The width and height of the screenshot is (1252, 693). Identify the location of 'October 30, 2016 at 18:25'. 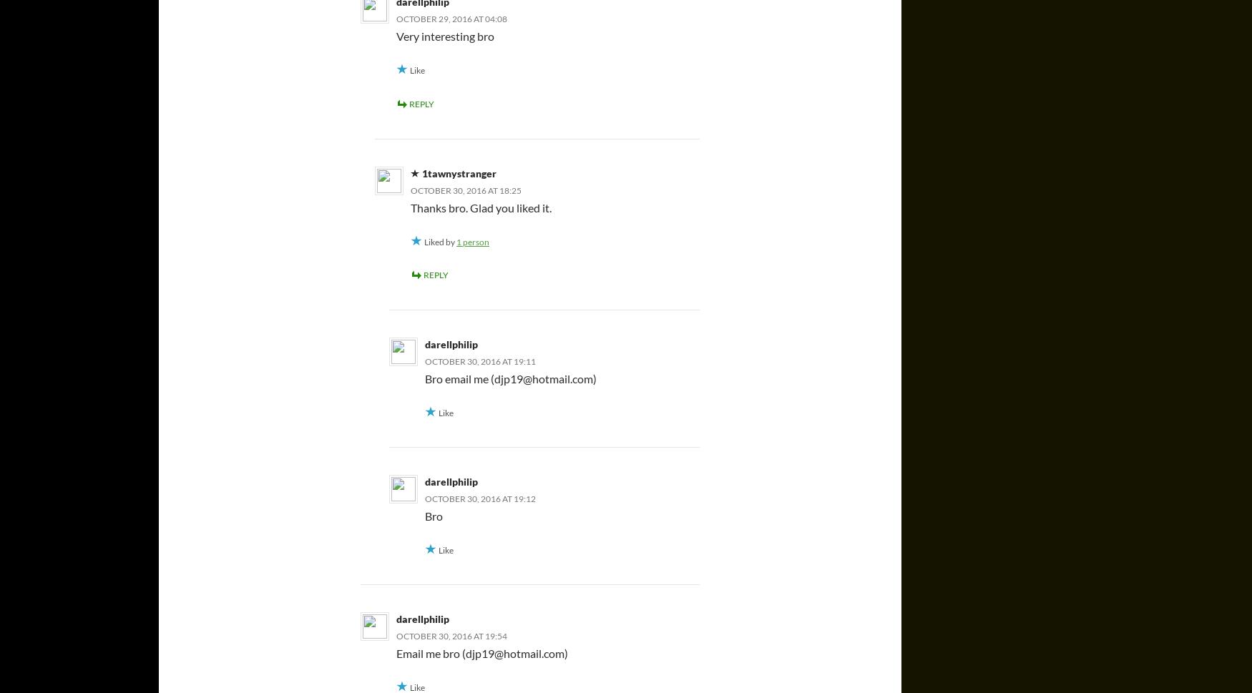
(465, 190).